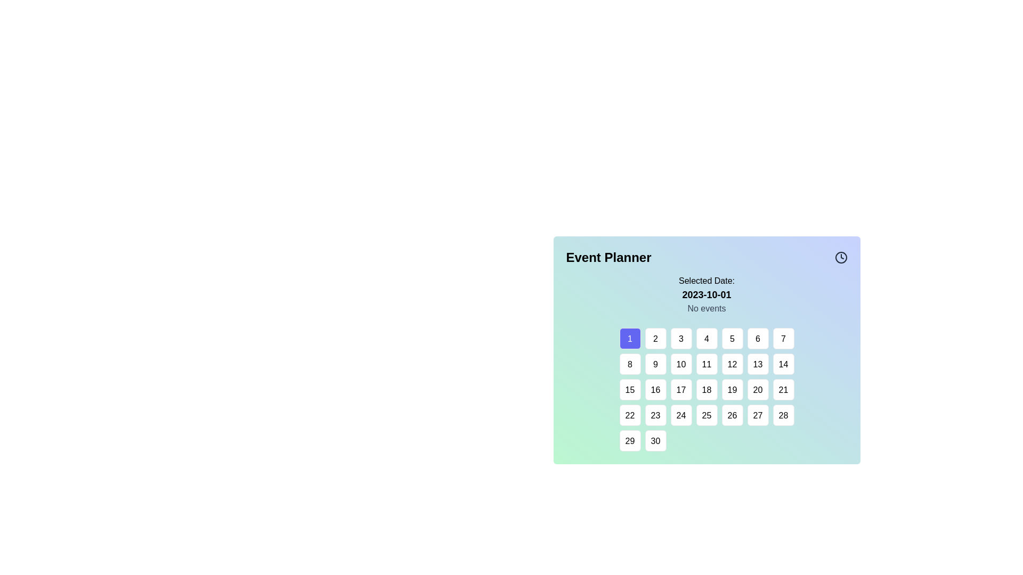 The width and height of the screenshot is (1023, 575). I want to click on the interactive button in the calendar interface, so click(732, 363).